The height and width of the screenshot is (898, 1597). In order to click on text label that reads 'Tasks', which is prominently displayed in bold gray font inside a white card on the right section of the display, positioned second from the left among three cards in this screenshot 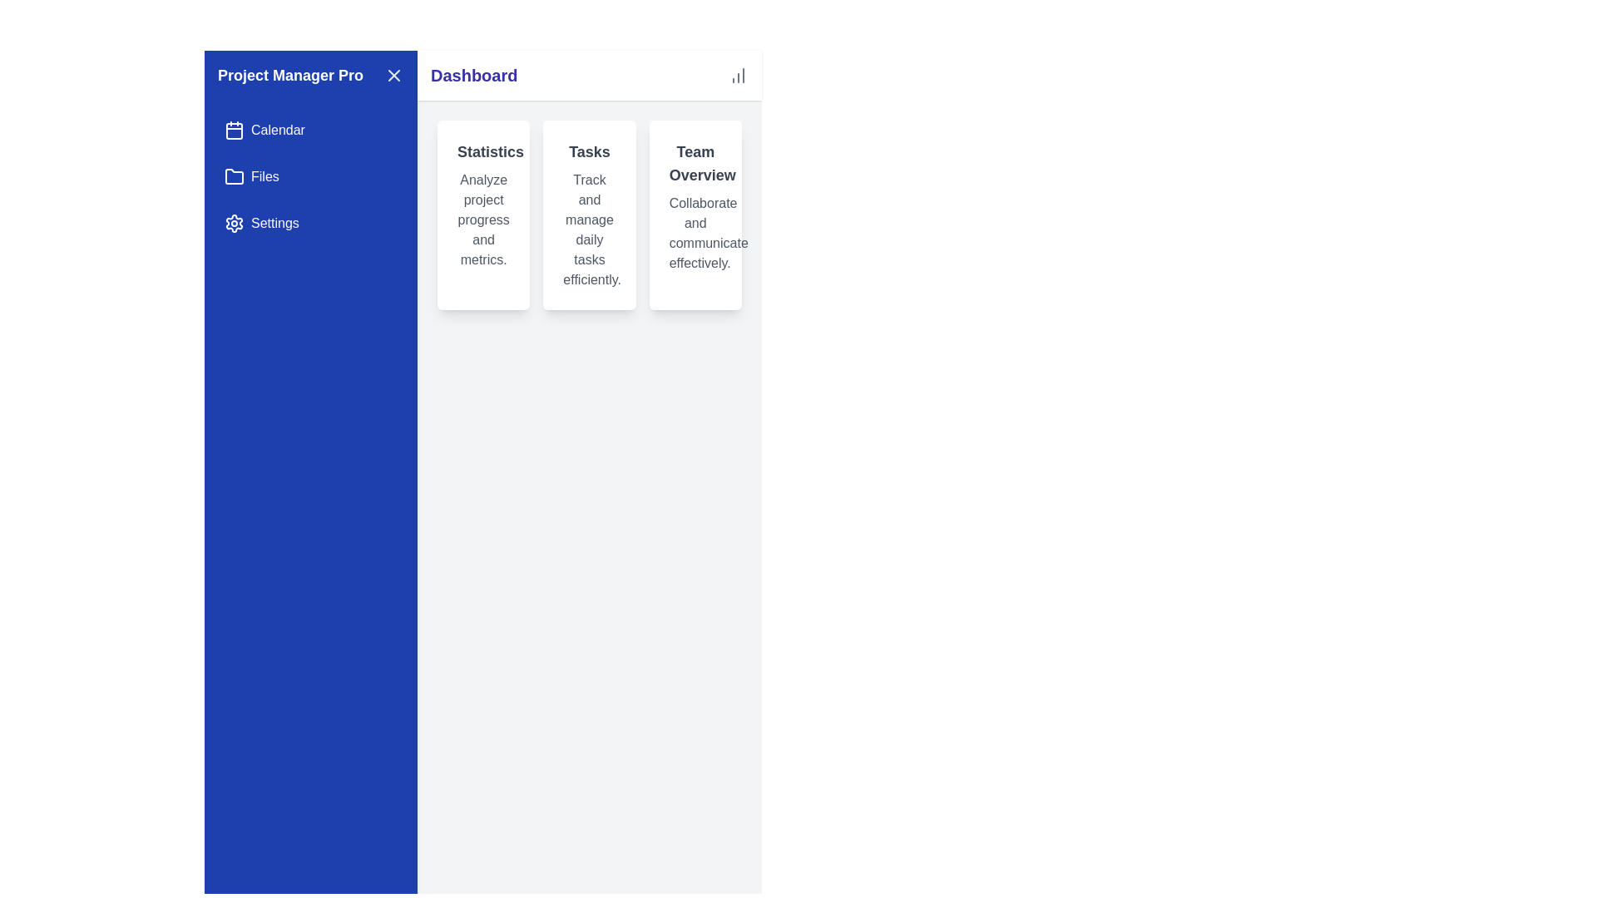, I will do `click(590, 151)`.